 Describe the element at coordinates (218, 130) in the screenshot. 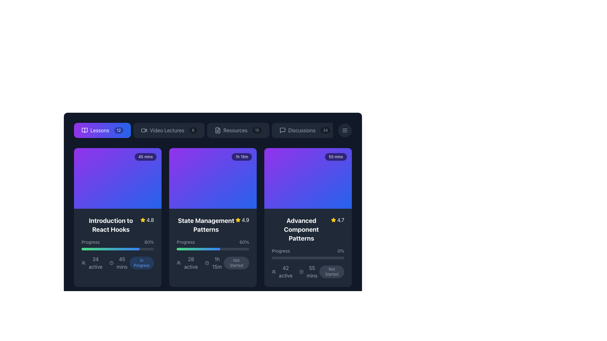

I see `the file-like icon located at the top-left corner of the header area, which represents a document and serves as a symbol for accessing resources or files` at that location.